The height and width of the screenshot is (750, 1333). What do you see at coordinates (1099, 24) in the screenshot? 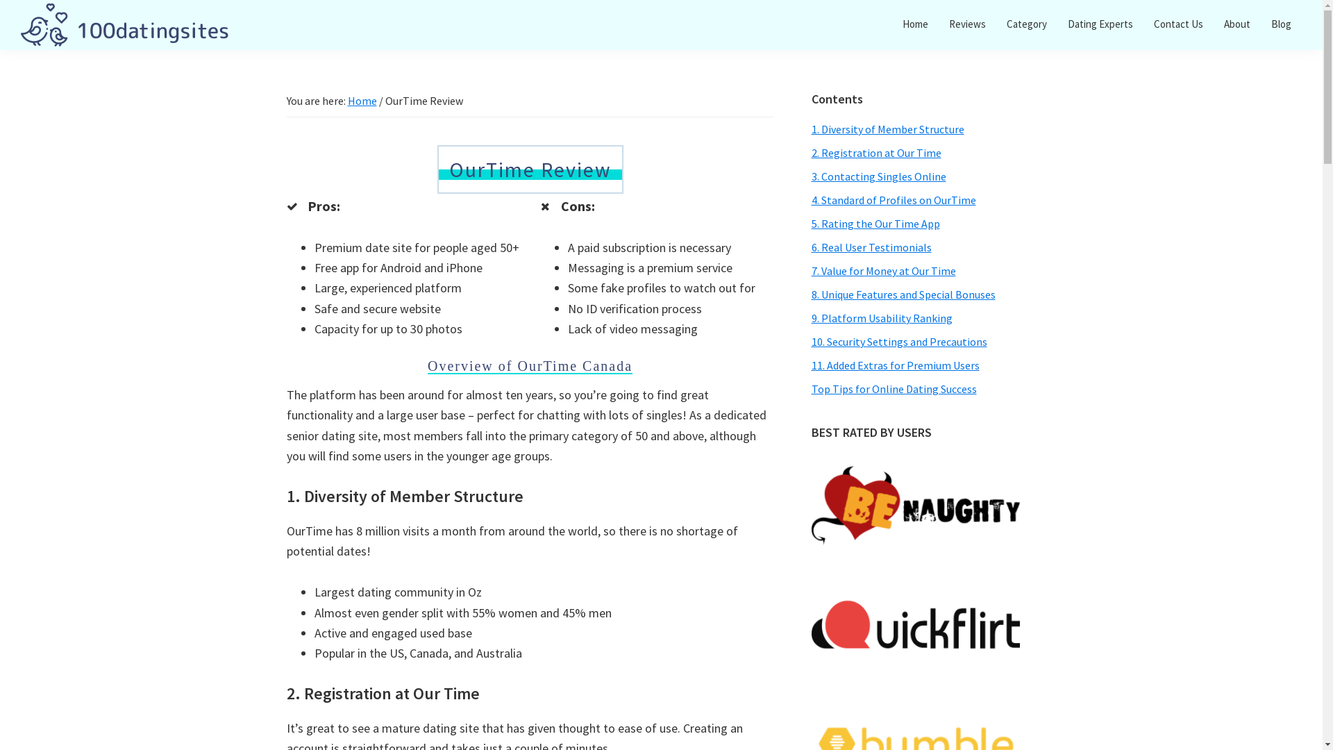
I see `'Dating Experts'` at bounding box center [1099, 24].